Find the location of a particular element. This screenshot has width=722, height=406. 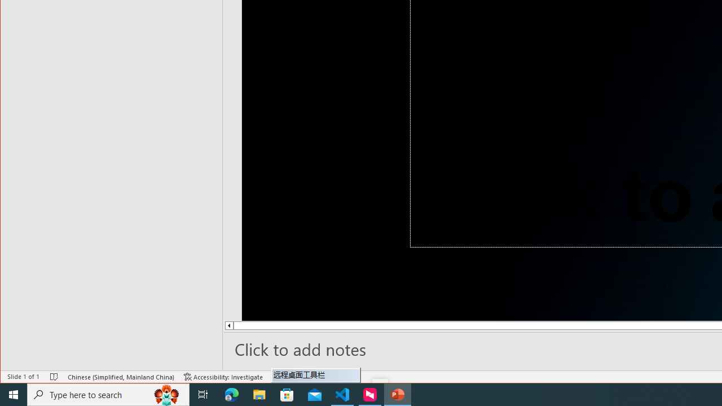

'Type here to search' is located at coordinates (108, 394).